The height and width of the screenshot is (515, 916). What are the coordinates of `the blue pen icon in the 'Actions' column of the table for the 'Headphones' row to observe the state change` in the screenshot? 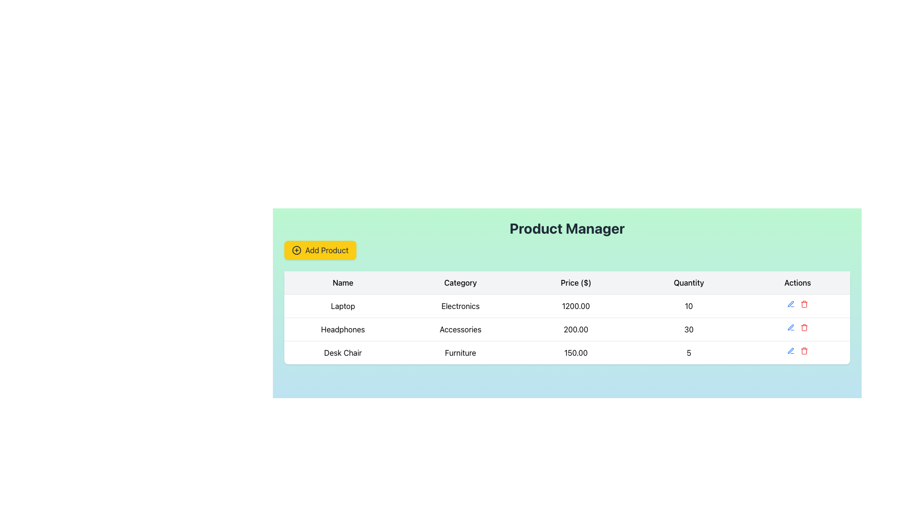 It's located at (791, 327).